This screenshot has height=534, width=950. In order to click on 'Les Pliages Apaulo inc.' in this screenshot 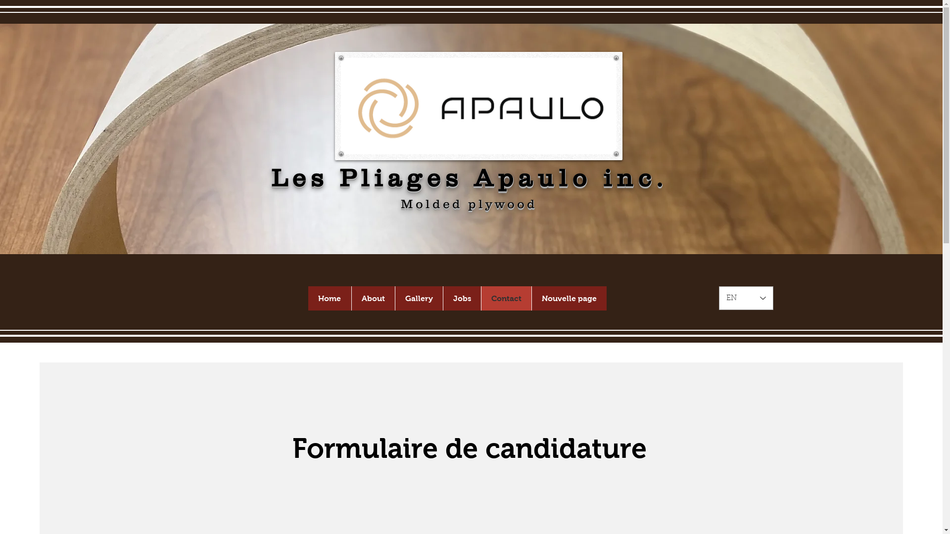, I will do `click(469, 177)`.